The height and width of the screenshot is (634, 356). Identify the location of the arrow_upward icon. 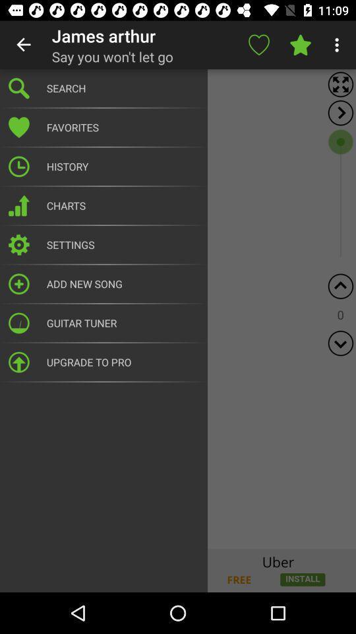
(340, 286).